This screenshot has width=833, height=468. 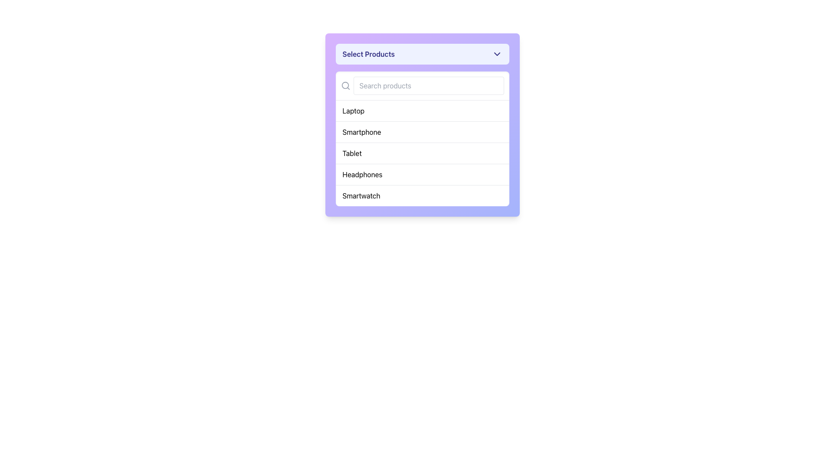 What do you see at coordinates (361, 195) in the screenshot?
I see `the 'Smartwatch' option in the dropdown menu` at bounding box center [361, 195].